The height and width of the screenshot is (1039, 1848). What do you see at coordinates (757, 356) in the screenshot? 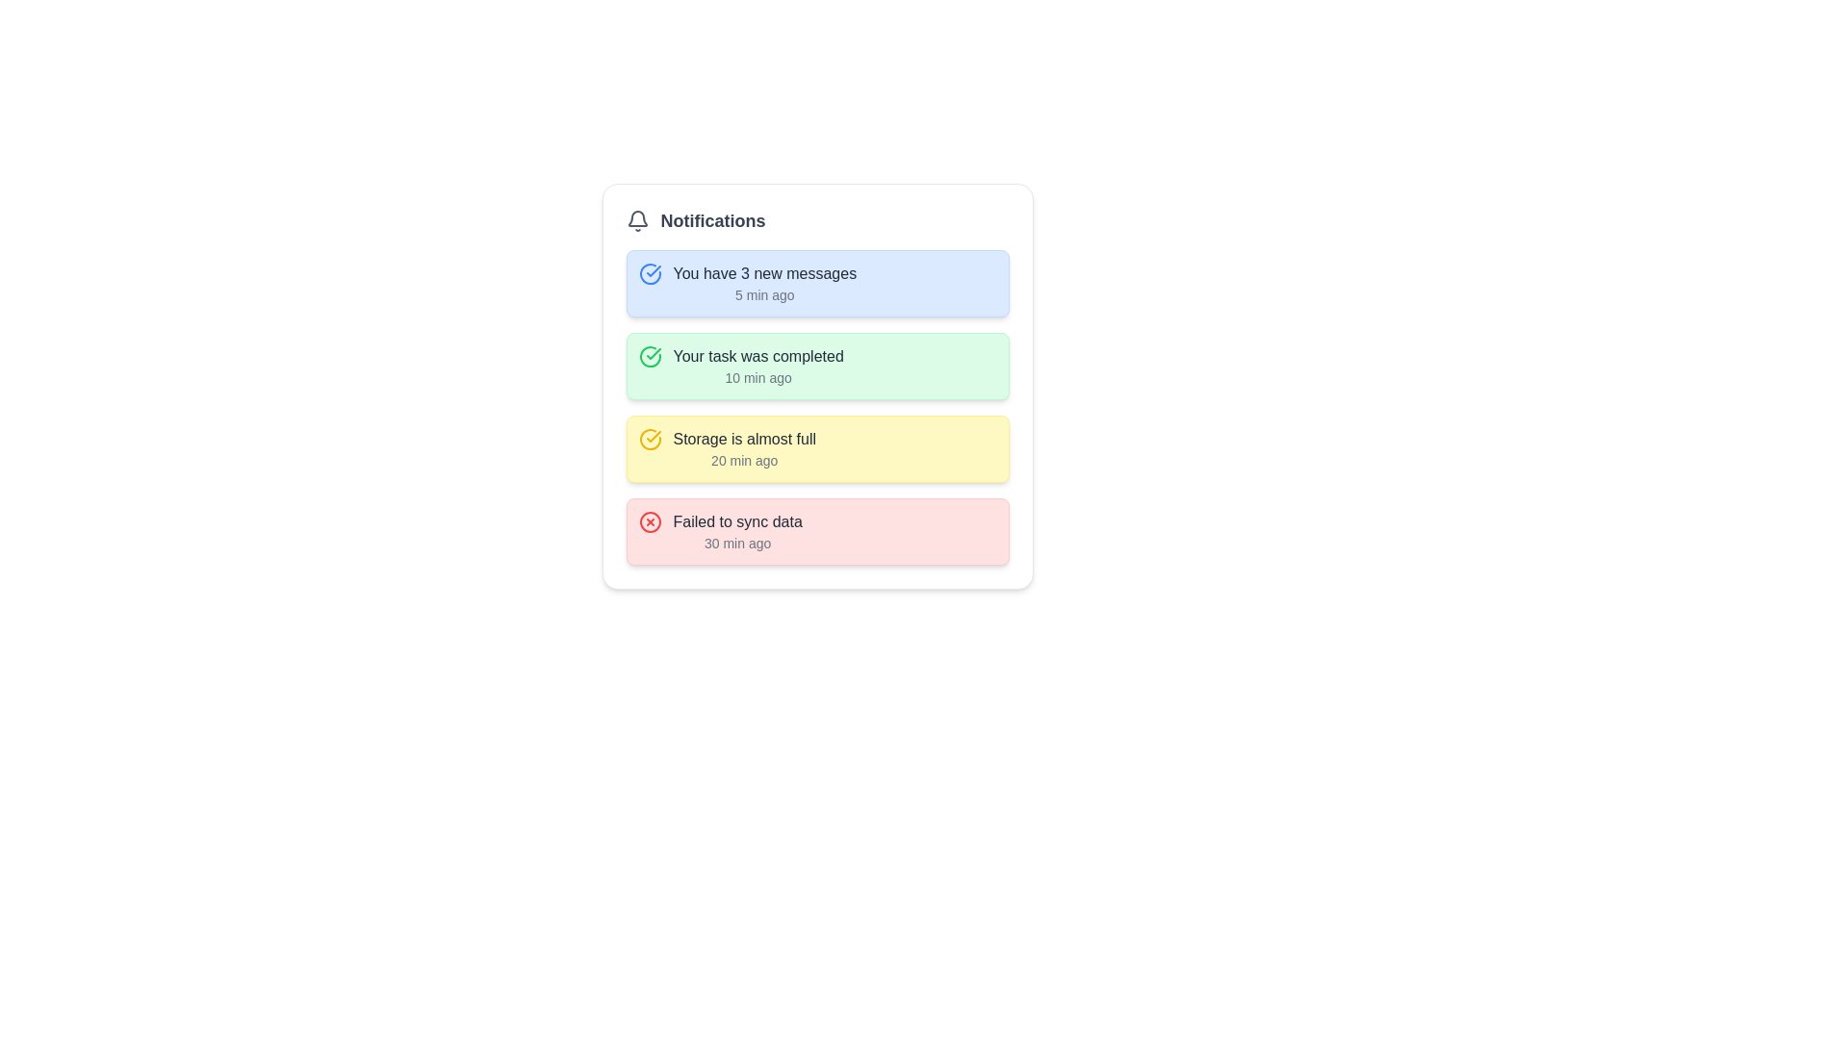
I see `the text label displaying 'Your task was completed' in the notification card located in the second row of the notification list` at bounding box center [757, 356].